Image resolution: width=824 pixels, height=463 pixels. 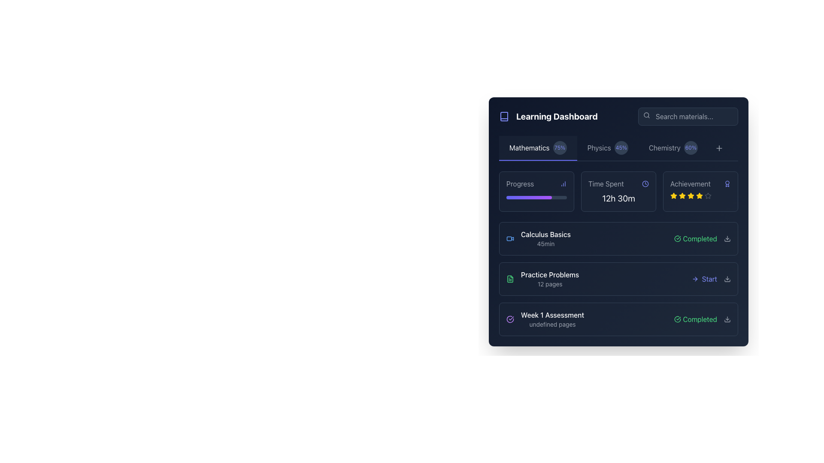 What do you see at coordinates (677, 238) in the screenshot?
I see `the Status indicator icon that indicates the completion of the 'Calculus Basics' task, which is located adjacent to the text 'Completed' in the middle column of the dashboard` at bounding box center [677, 238].